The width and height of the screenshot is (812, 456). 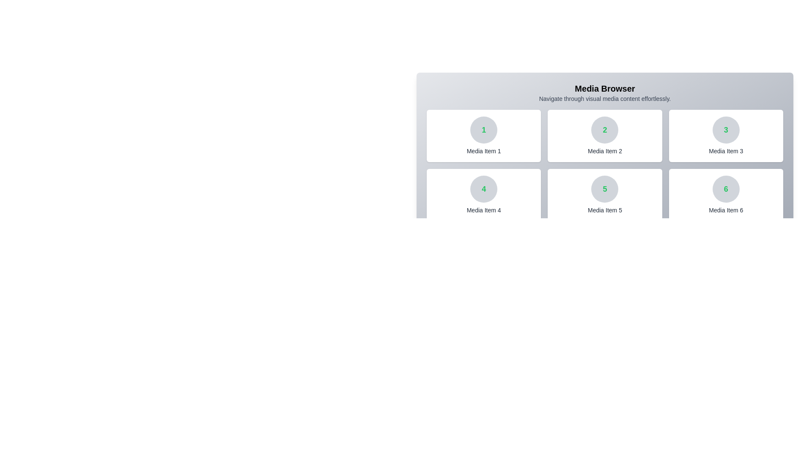 What do you see at coordinates (725, 151) in the screenshot?
I see `text label located at the bottom of the third tile from the left in the top row of the grid layout, which has a rounded, white background and shadow effect` at bounding box center [725, 151].